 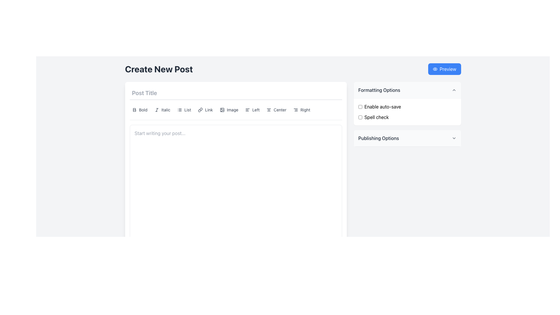 What do you see at coordinates (157, 110) in the screenshot?
I see `the italic formatting button located in the text formatting bar under the 'Post Title' section by` at bounding box center [157, 110].